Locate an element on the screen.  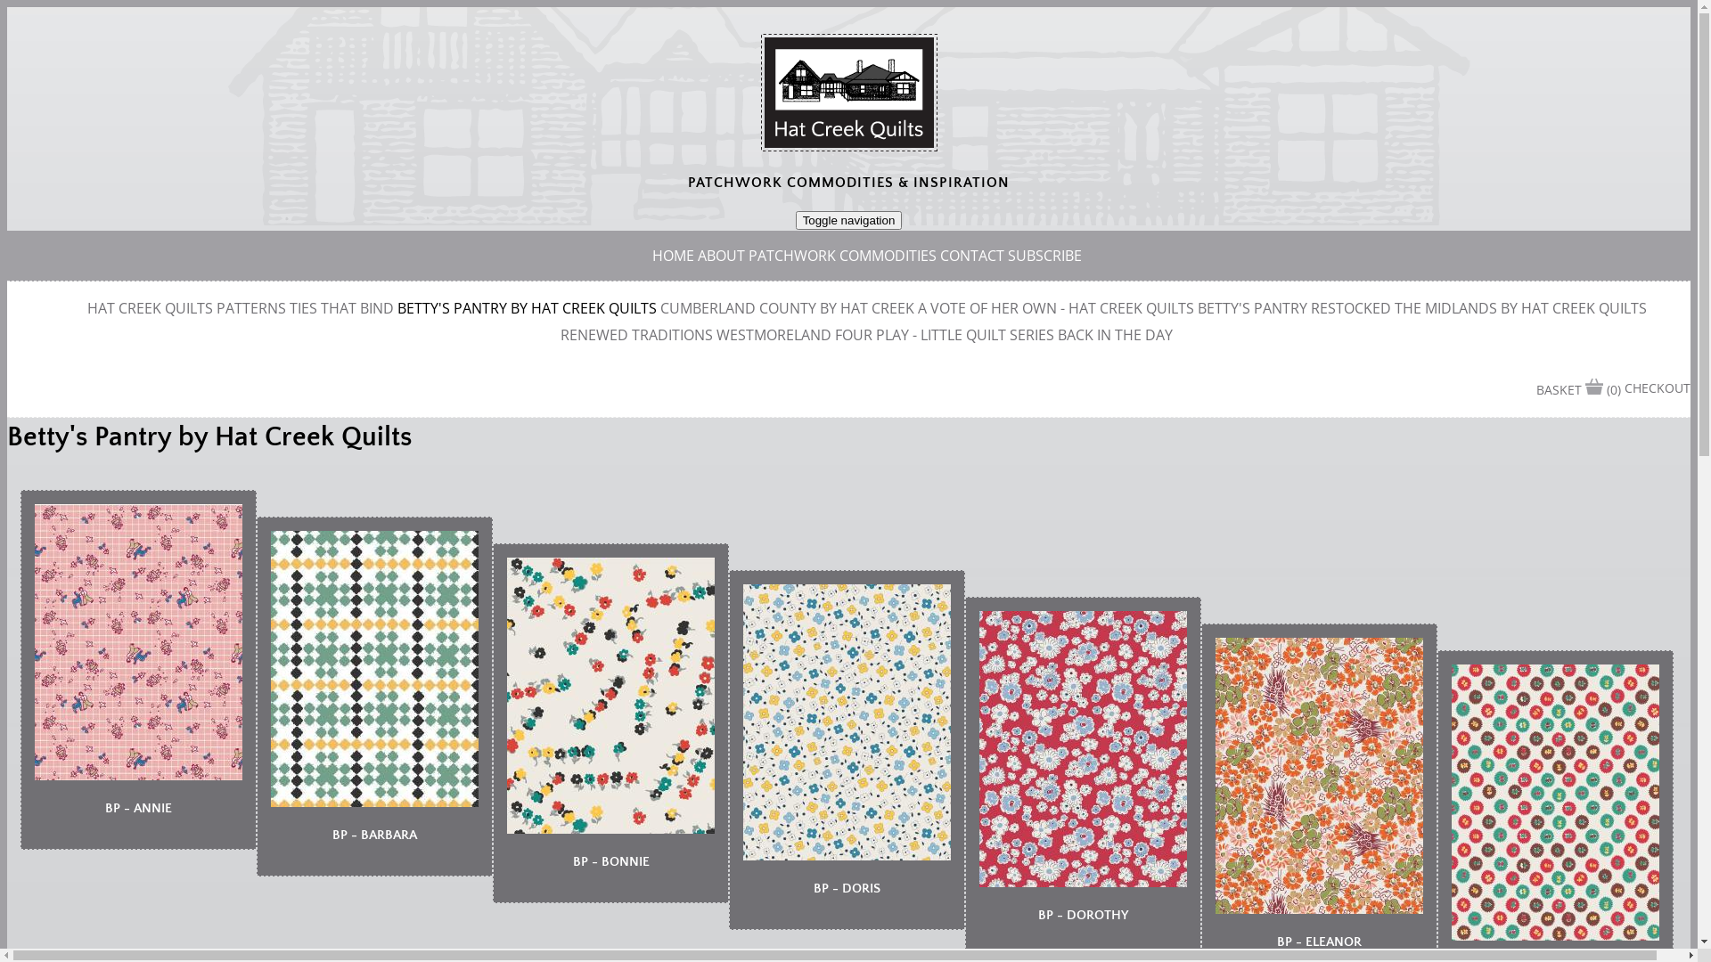
'FOUR PLAY - LITTLE QUILT SERIES' is located at coordinates (944, 334).